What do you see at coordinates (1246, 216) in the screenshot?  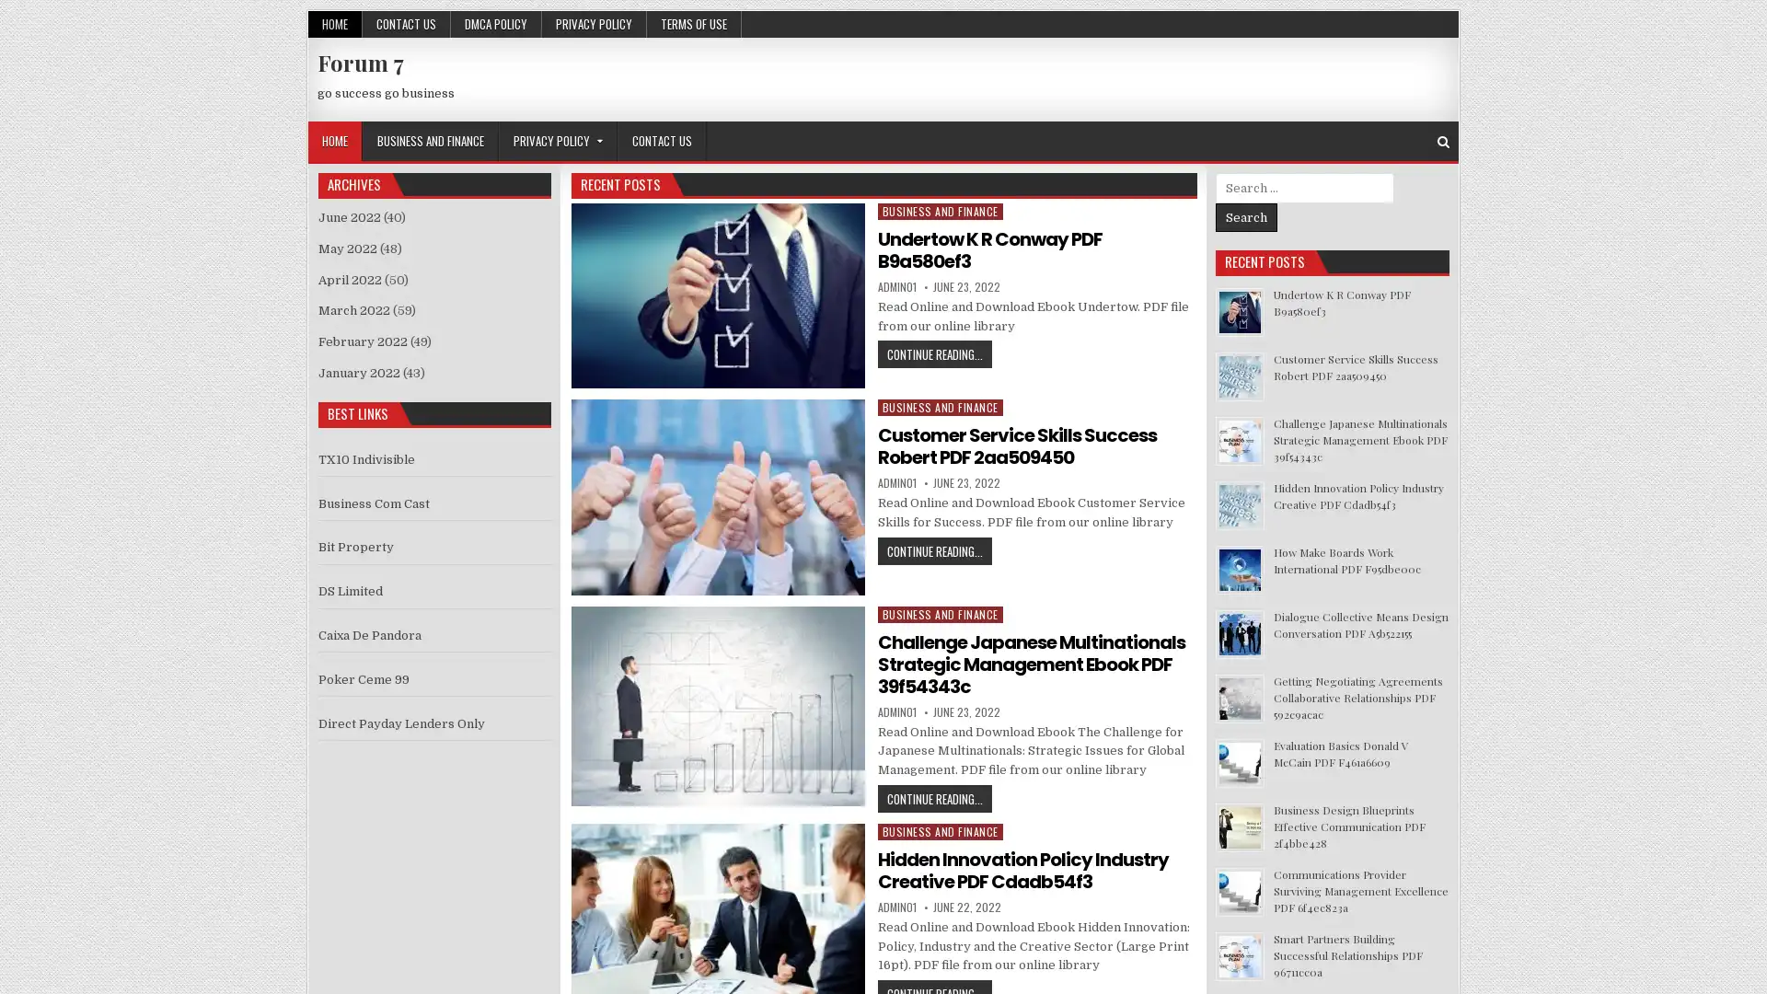 I see `Search` at bounding box center [1246, 216].